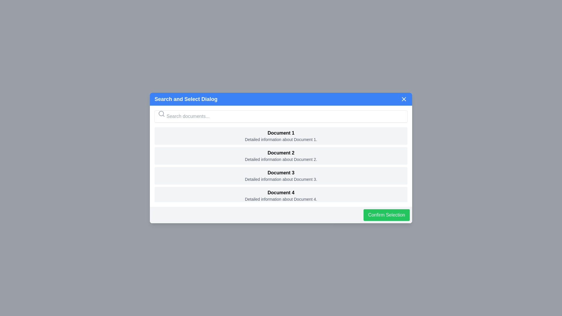 This screenshot has width=562, height=316. I want to click on the document with title Document 2, so click(281, 155).